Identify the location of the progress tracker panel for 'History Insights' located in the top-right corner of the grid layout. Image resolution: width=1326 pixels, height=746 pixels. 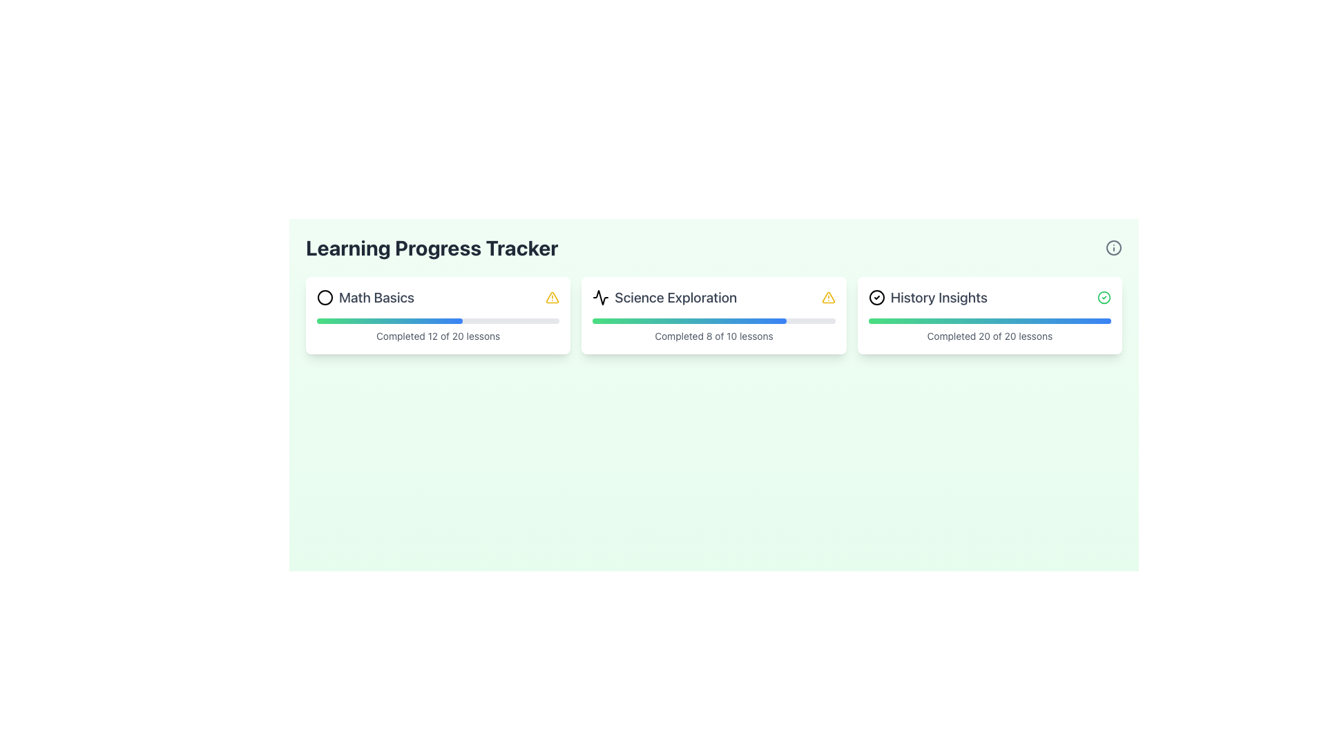
(989, 315).